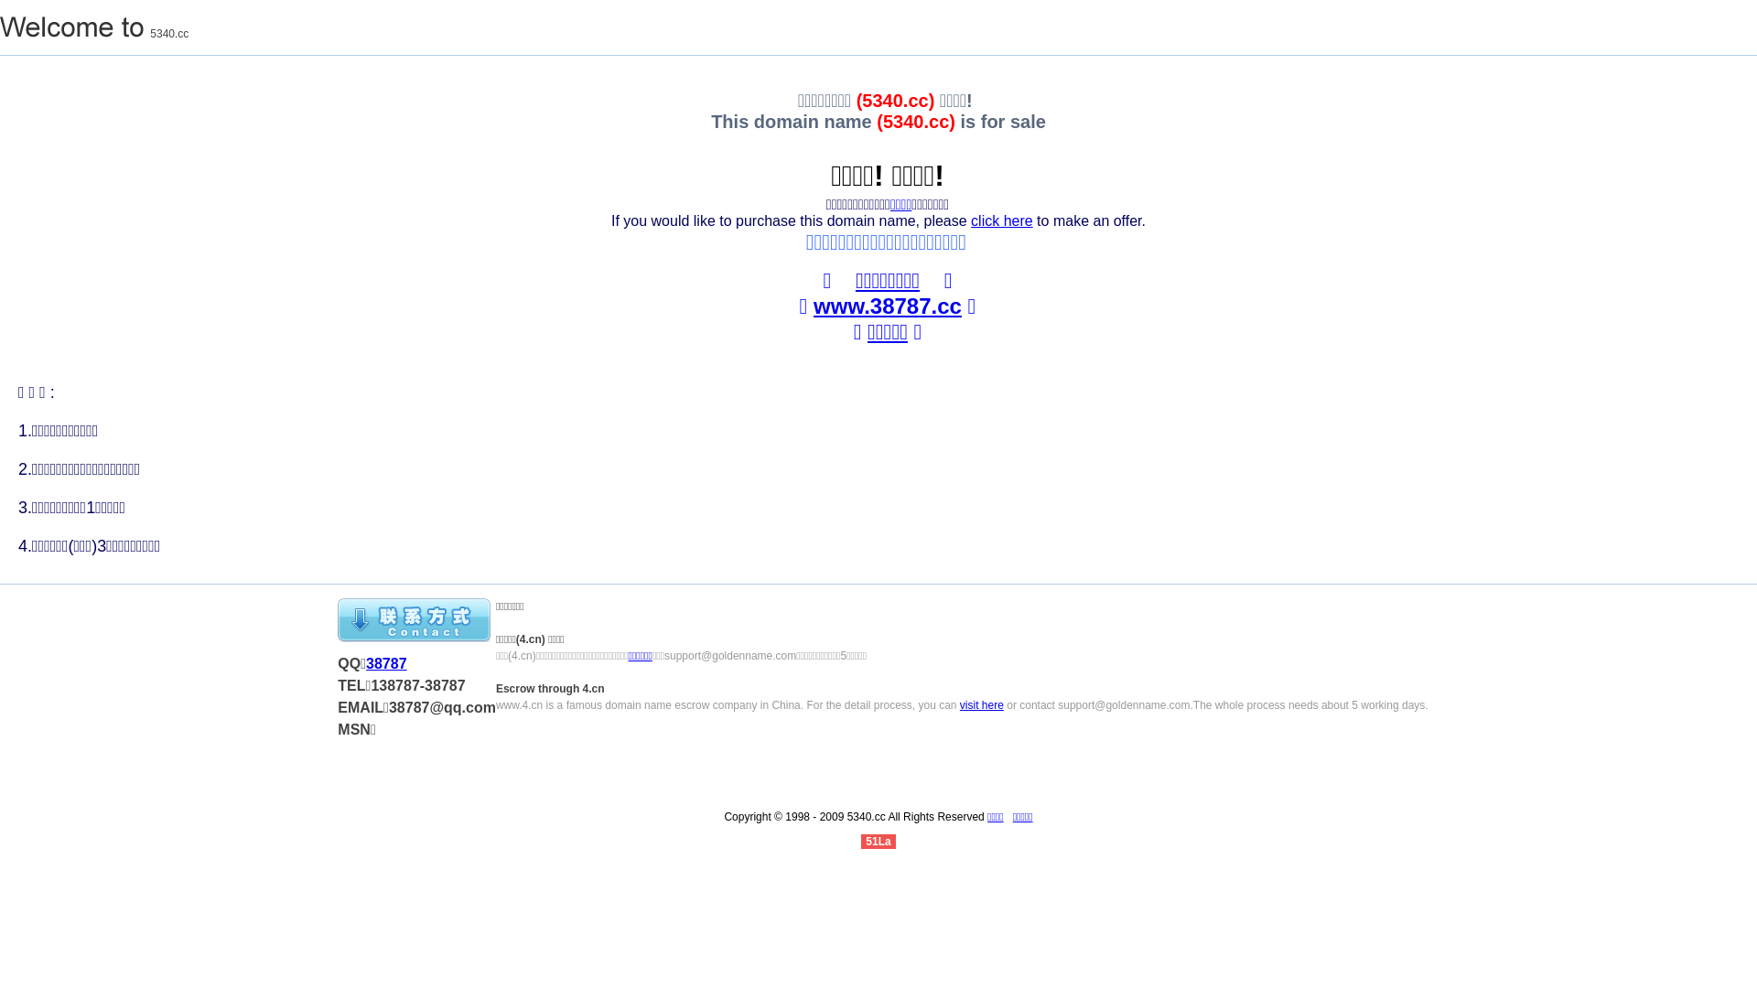  What do you see at coordinates (859, 842) in the screenshot?
I see `'51La'` at bounding box center [859, 842].